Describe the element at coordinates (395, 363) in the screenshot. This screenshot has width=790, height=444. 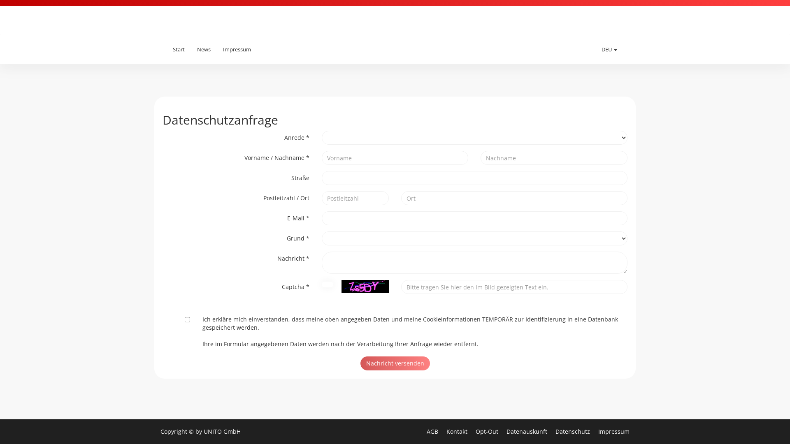
I see `'Nachricht versenden'` at that location.